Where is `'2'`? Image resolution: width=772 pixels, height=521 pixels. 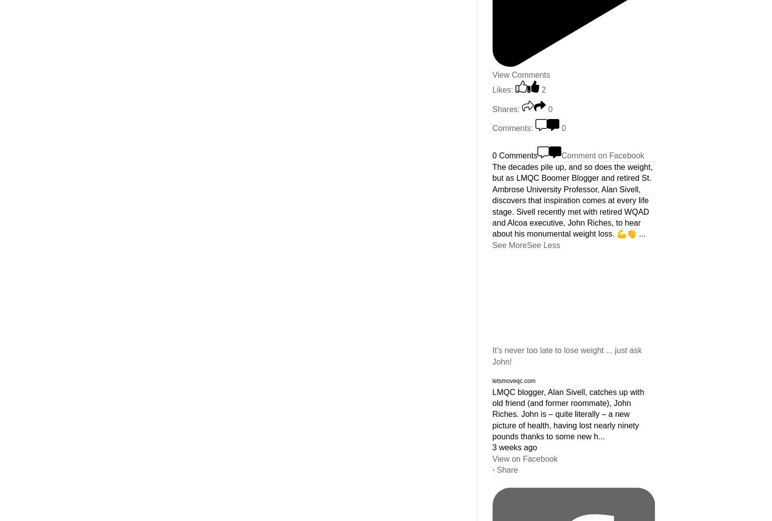
'2' is located at coordinates (541, 90).